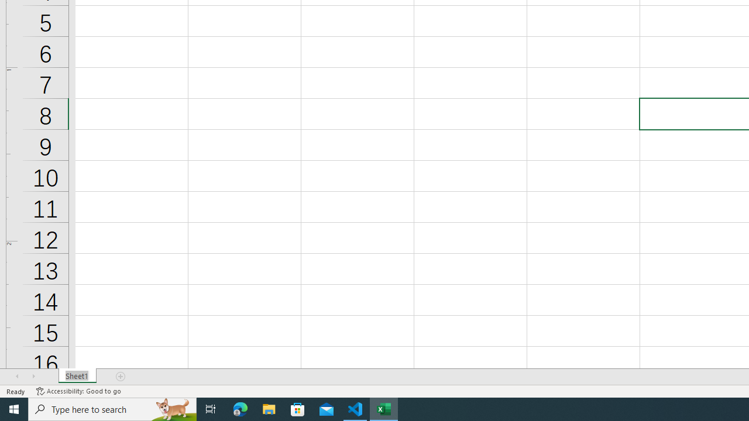 The height and width of the screenshot is (421, 749). What do you see at coordinates (77, 377) in the screenshot?
I see `'Sheet Tab'` at bounding box center [77, 377].